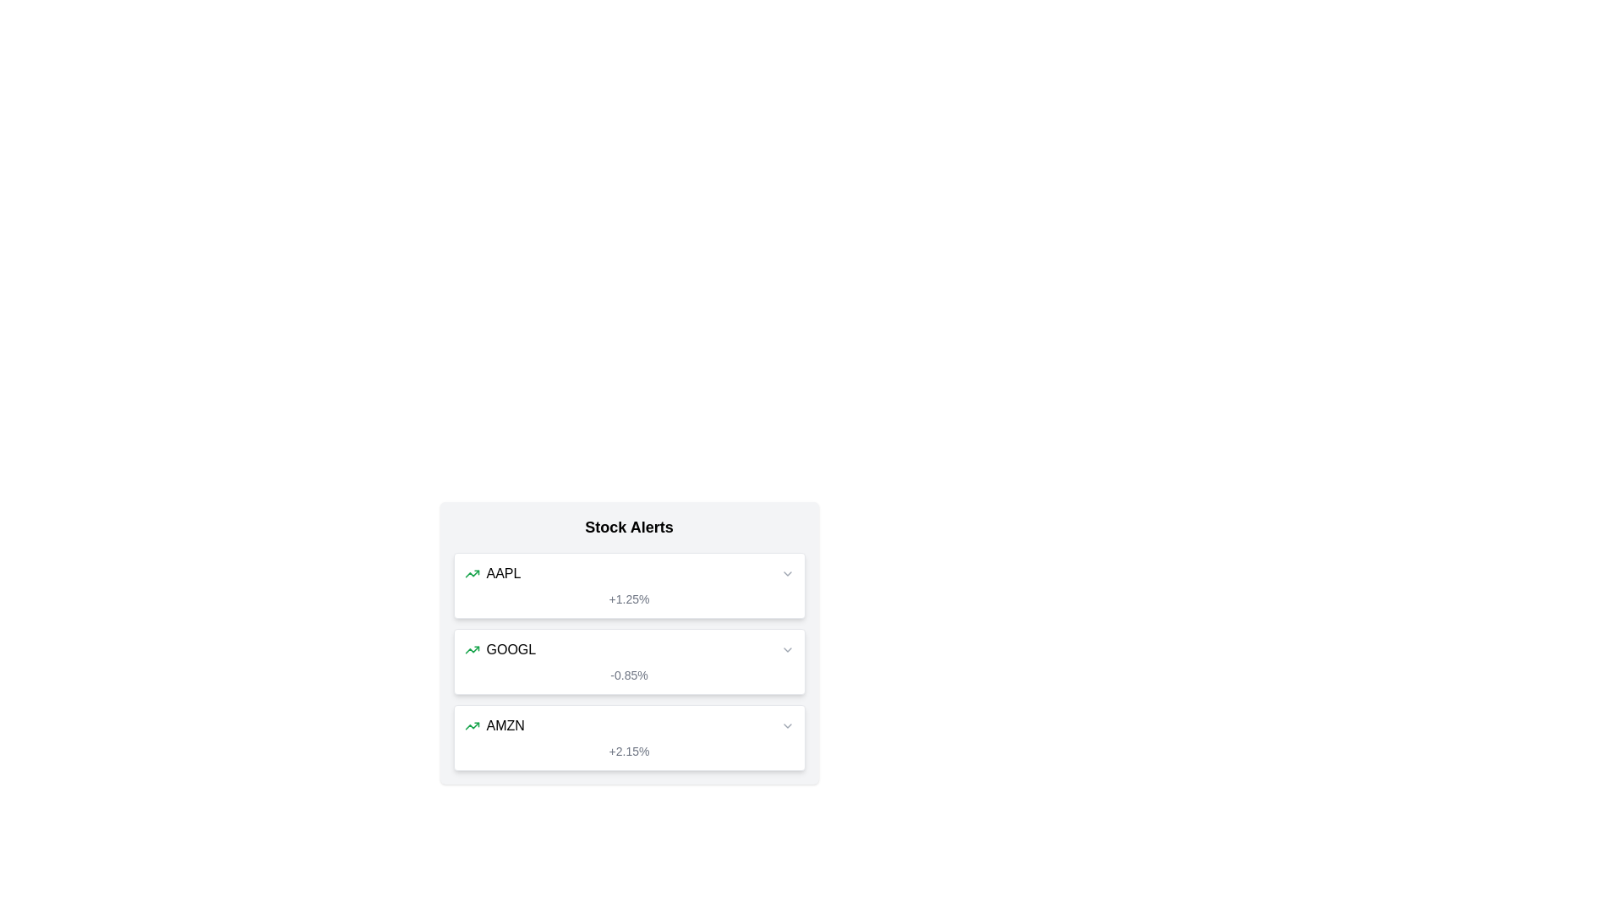 This screenshot has height=913, width=1623. What do you see at coordinates (628, 661) in the screenshot?
I see `the information display card showing the stock alert for GOOGL with a performance change of -0.85%, located as the second card in the list of stock alerts` at bounding box center [628, 661].